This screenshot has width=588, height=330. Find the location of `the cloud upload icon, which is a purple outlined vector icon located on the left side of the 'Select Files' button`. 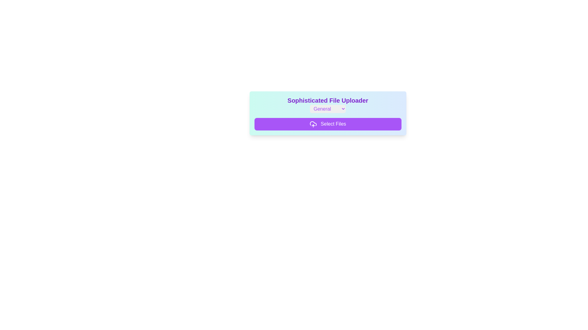

the cloud upload icon, which is a purple outlined vector icon located on the left side of the 'Select Files' button is located at coordinates (313, 124).